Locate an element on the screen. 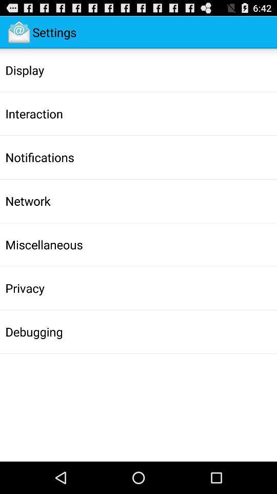 Image resolution: width=277 pixels, height=494 pixels. the privacy is located at coordinates (25, 288).